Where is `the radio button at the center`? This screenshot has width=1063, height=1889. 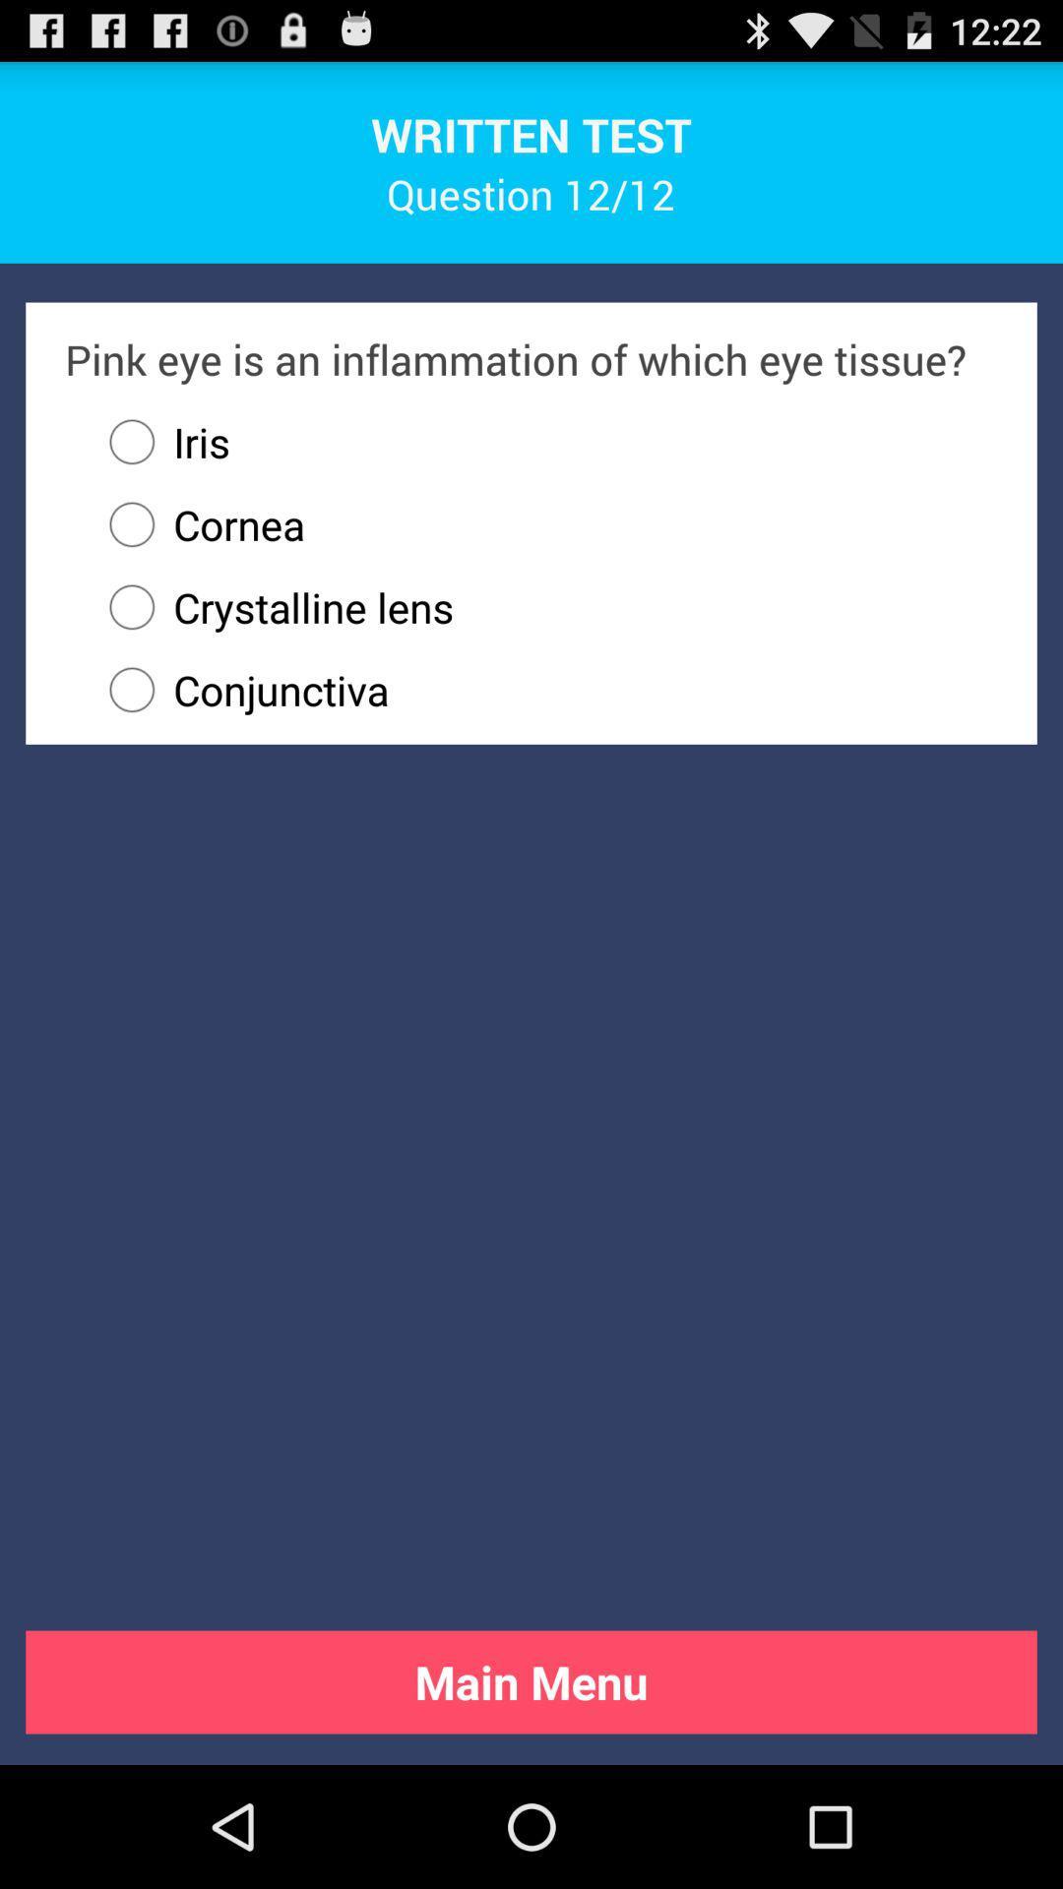 the radio button at the center is located at coordinates (544, 690).